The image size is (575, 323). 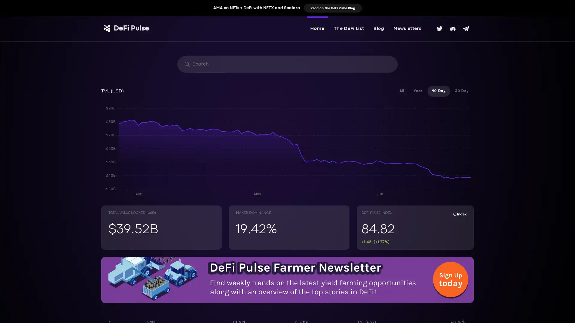 I want to click on All, so click(x=401, y=91).